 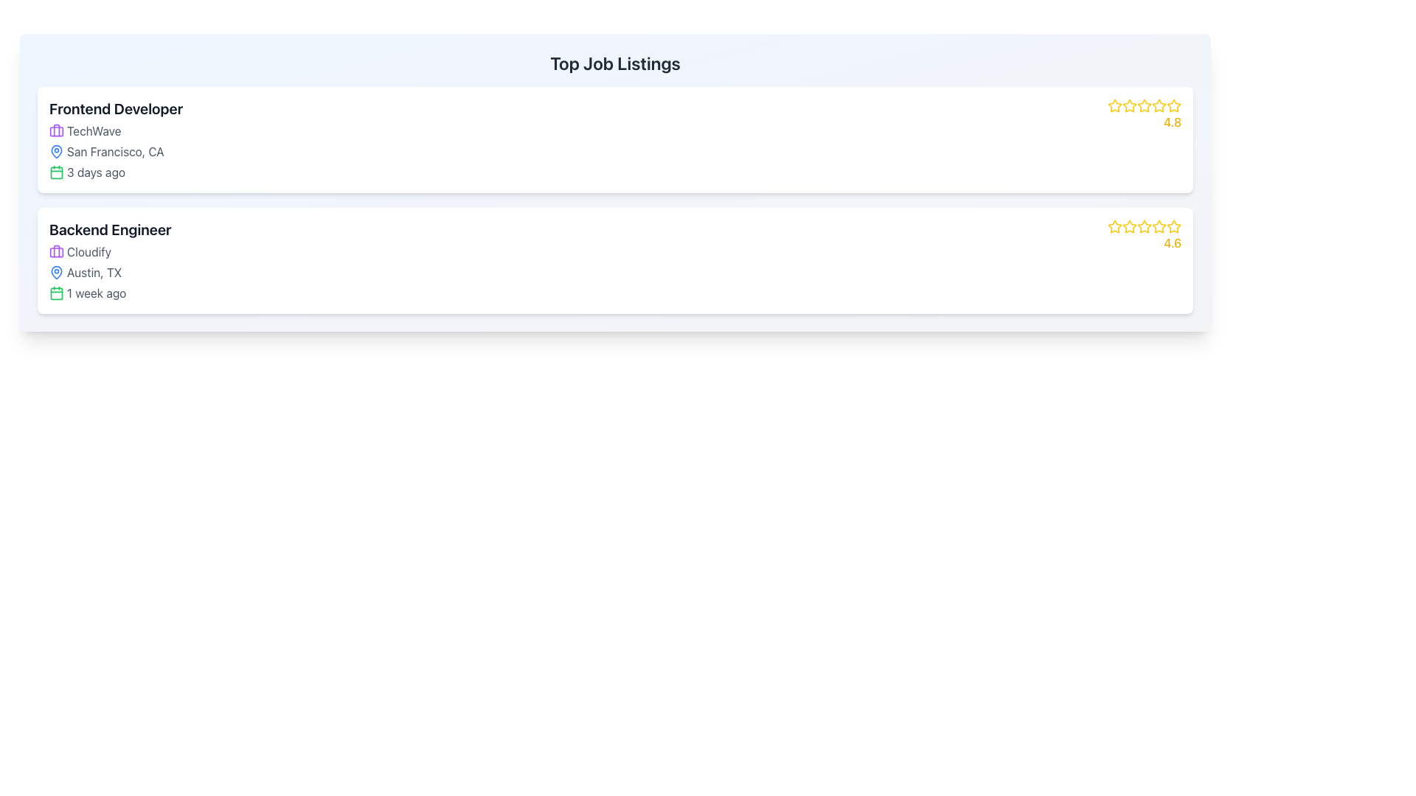 I want to click on the job details card for the 'Backend Engineer' position by clicking on the rating display located in the top-right corner of the card, which visually indicates the rating using stars and a numerical value, so click(x=1143, y=235).